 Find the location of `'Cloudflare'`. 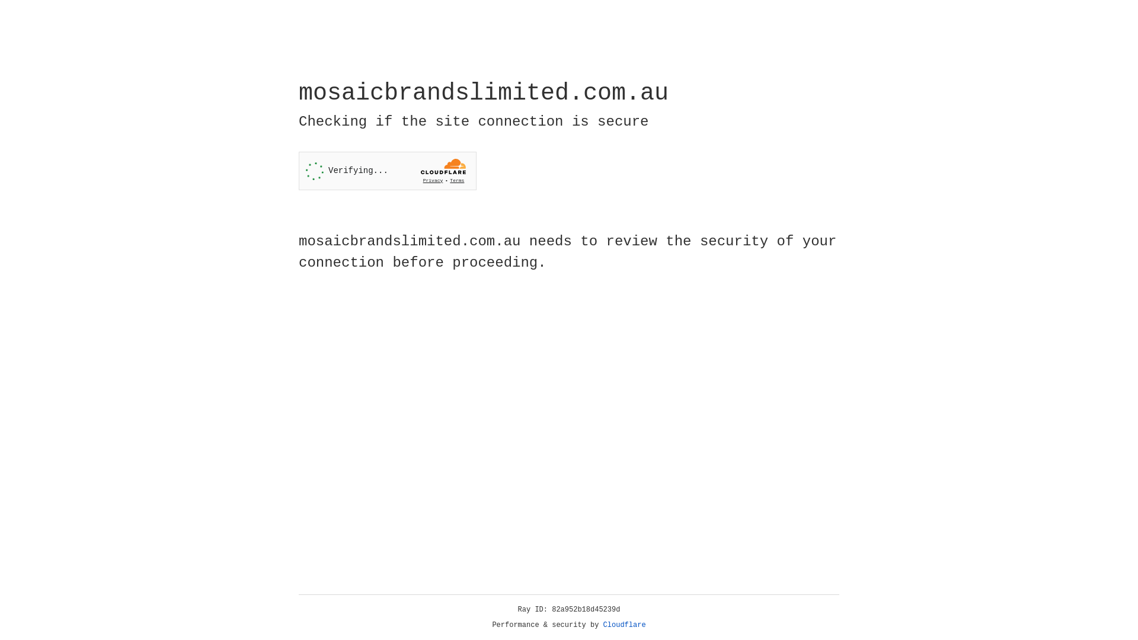

'Cloudflare' is located at coordinates (624, 625).